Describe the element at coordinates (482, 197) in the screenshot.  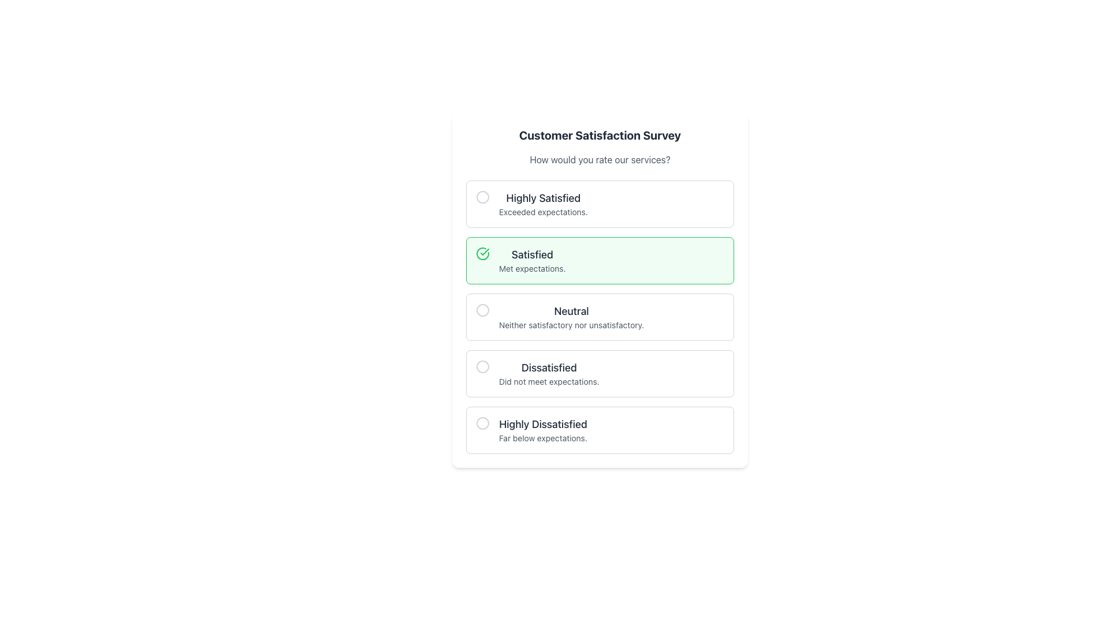
I see `the circular selection indicator for the 'Highly Satisfied' option` at that location.